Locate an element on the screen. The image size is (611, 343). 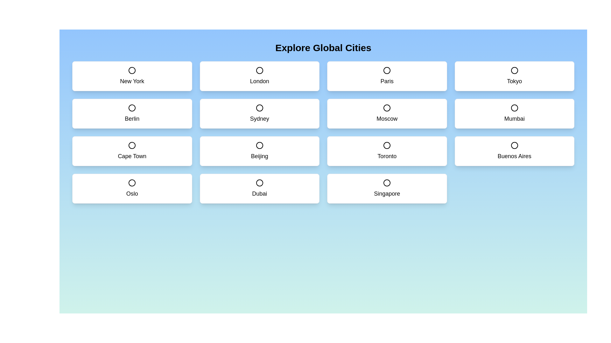
the city card labeled Paris to toggle its selection state is located at coordinates (387, 76).